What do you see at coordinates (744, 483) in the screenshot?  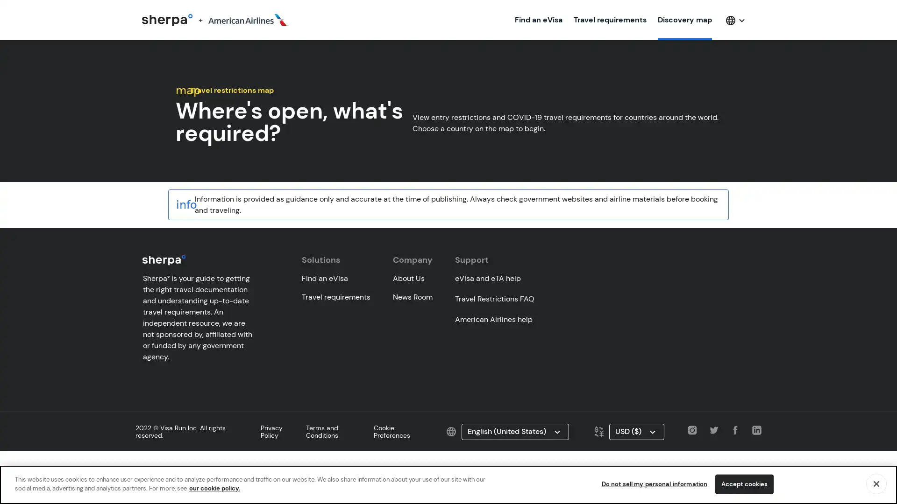 I see `Accept cookies` at bounding box center [744, 483].